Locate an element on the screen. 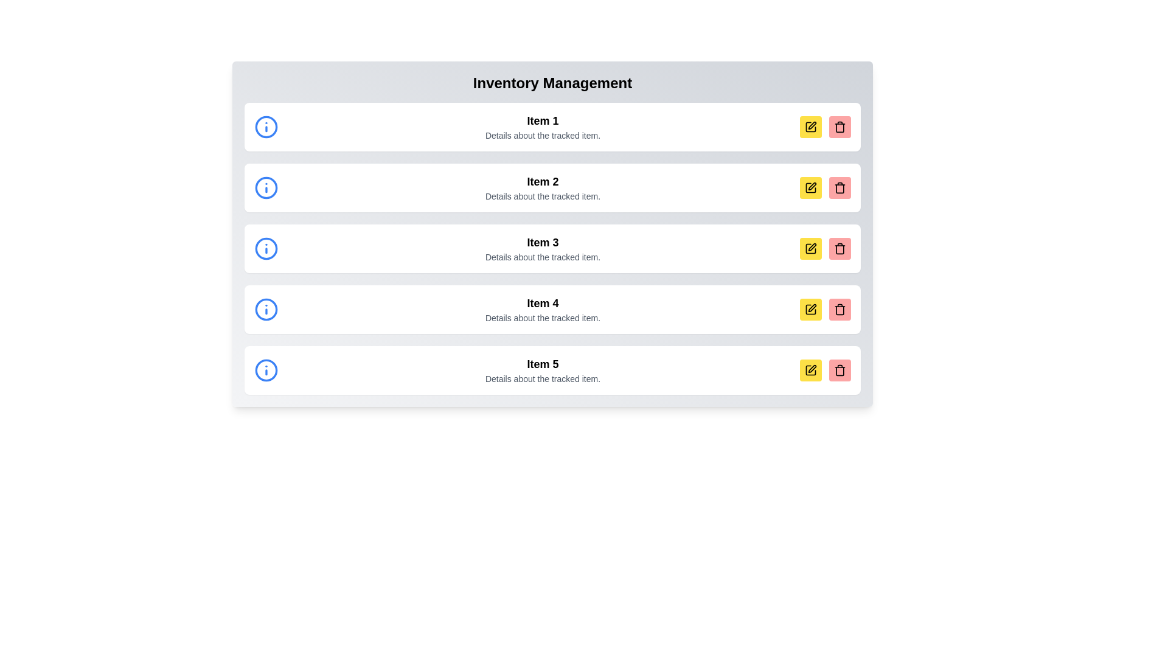 Image resolution: width=1168 pixels, height=657 pixels. text label for 'Item 1' located at the top of the vertical list in the 'Inventory Management' section is located at coordinates (542, 121).